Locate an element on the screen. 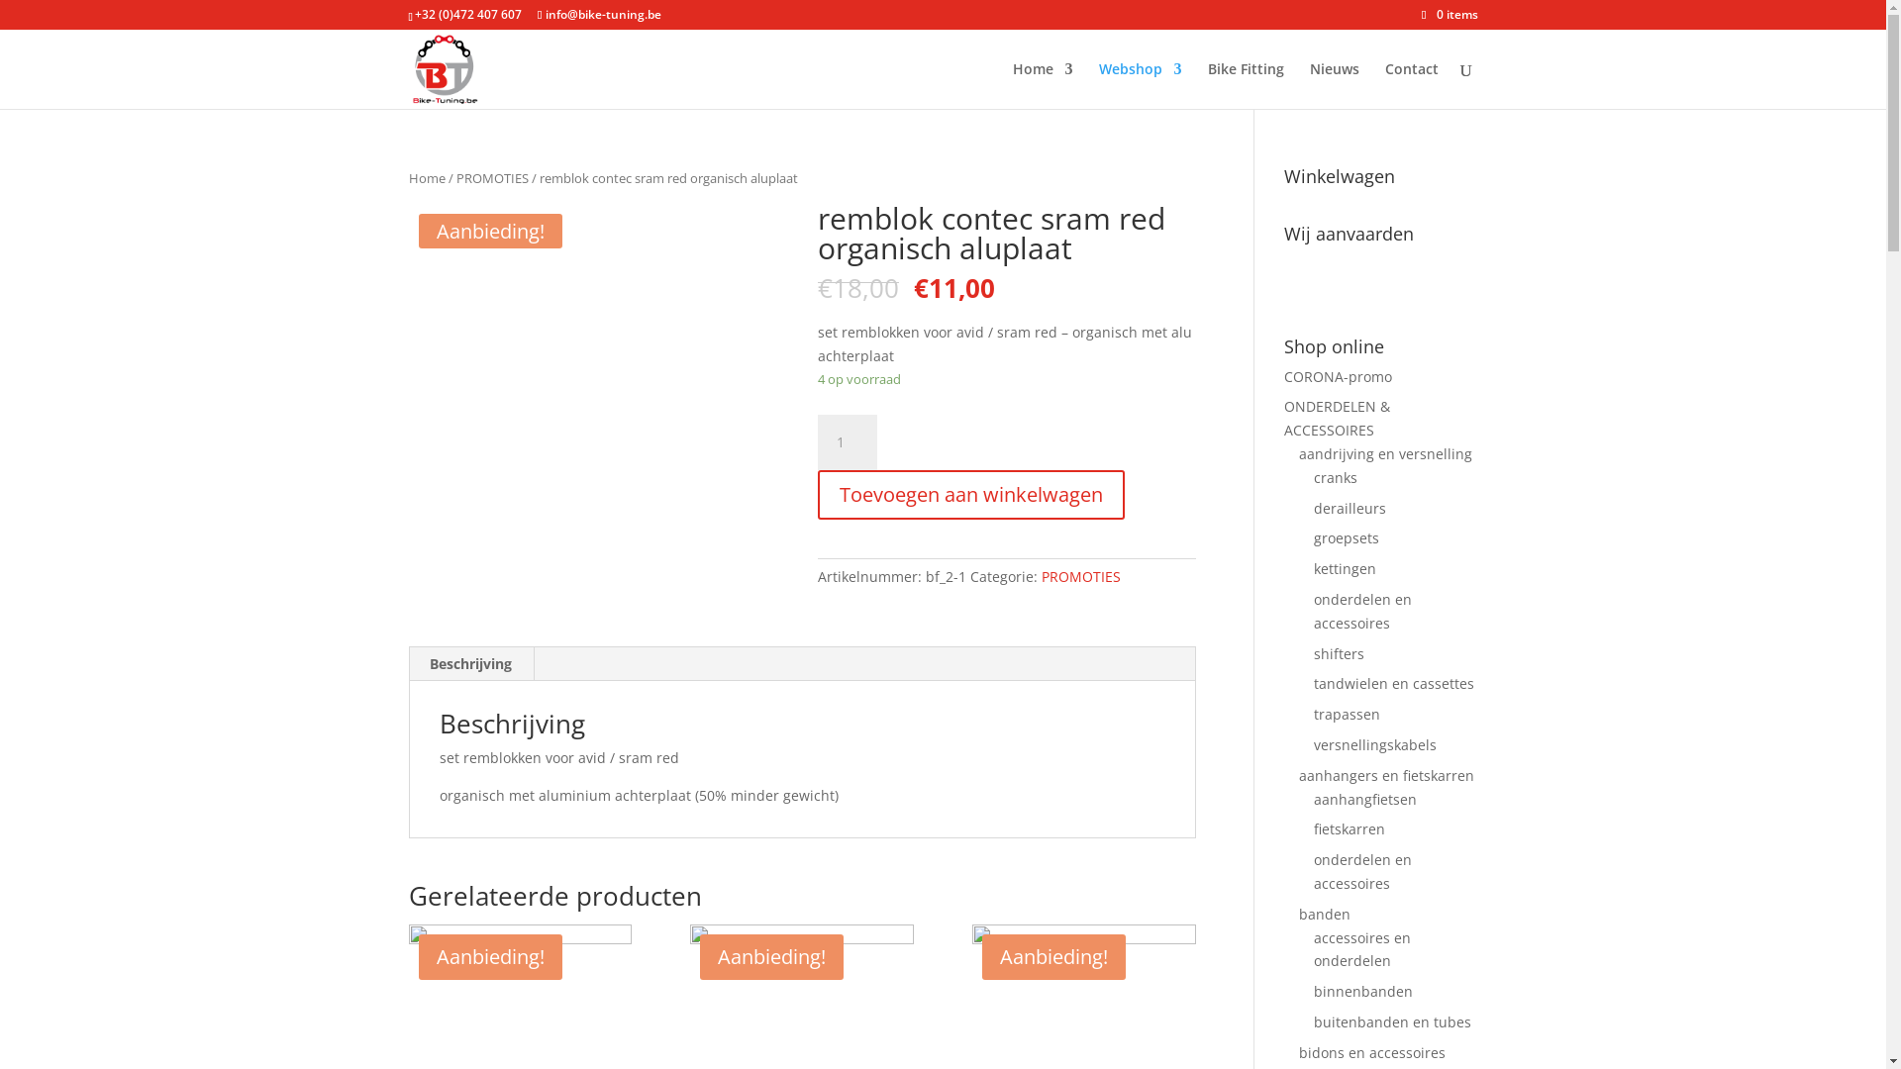 This screenshot has width=1901, height=1069. 'CORONA-promo' is located at coordinates (1338, 376).